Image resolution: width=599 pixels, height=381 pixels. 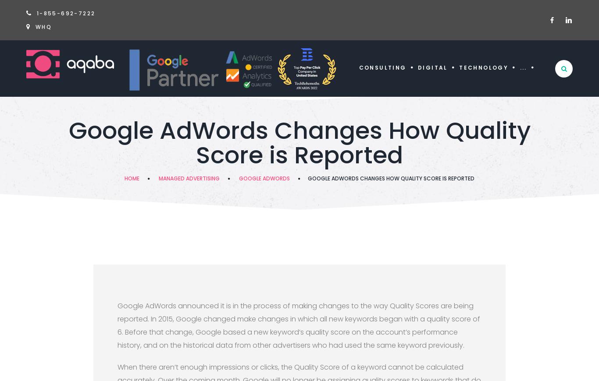 I want to click on '...', so click(x=523, y=67).